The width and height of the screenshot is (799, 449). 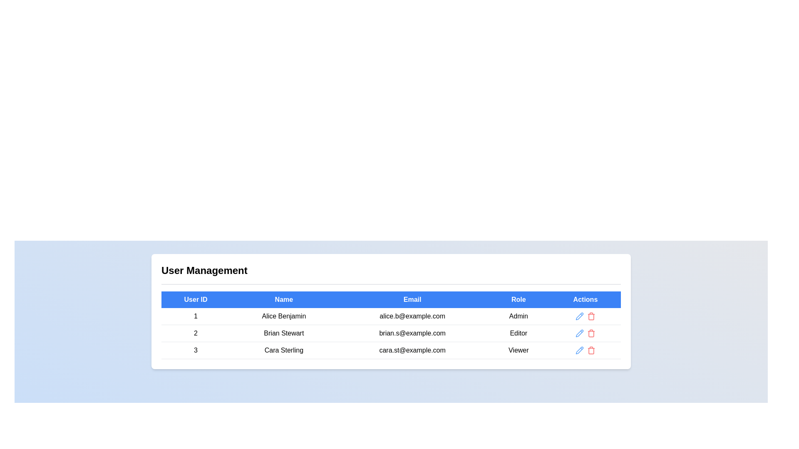 What do you see at coordinates (391, 316) in the screenshot?
I see `the first row in the User Management table, which contains user ID 1, name Alice Benjamin, email alice.b@example.com, and role Admin` at bounding box center [391, 316].